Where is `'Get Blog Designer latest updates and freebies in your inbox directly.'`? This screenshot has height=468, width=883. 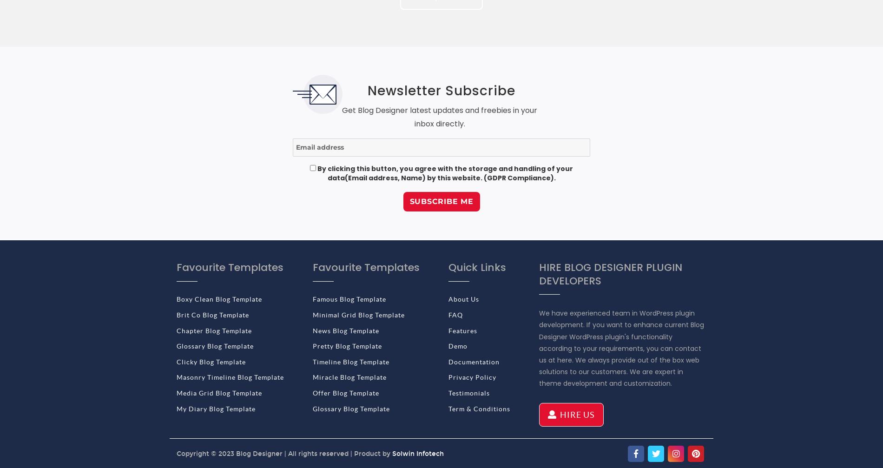
'Get Blog Designer latest updates and freebies in your inbox directly.' is located at coordinates (439, 117).